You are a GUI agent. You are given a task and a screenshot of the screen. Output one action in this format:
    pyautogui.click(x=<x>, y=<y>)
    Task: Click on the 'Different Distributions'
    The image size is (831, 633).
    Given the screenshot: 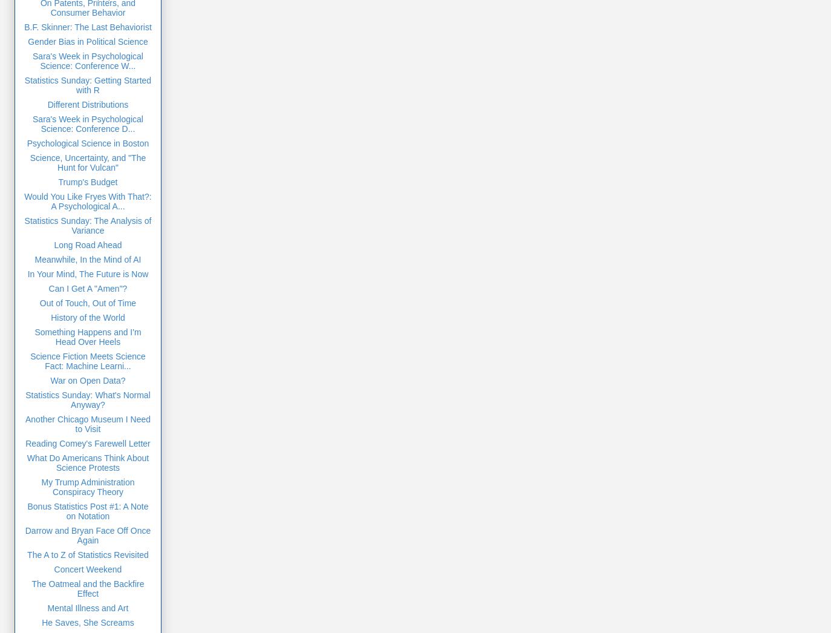 What is the action you would take?
    pyautogui.click(x=86, y=103)
    